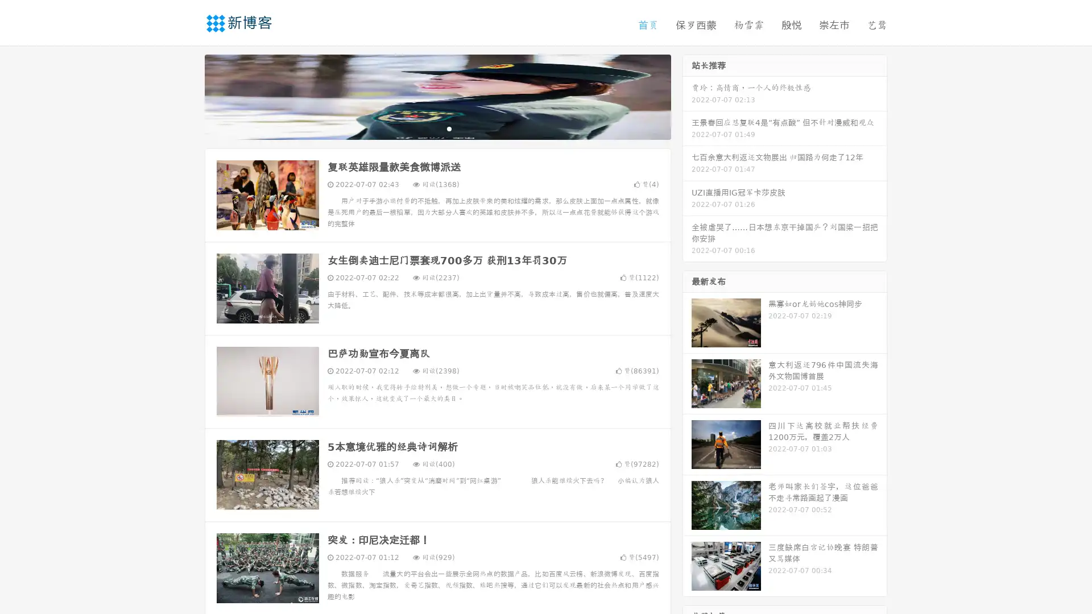 Image resolution: width=1092 pixels, height=614 pixels. I want to click on Previous slide, so click(188, 96).